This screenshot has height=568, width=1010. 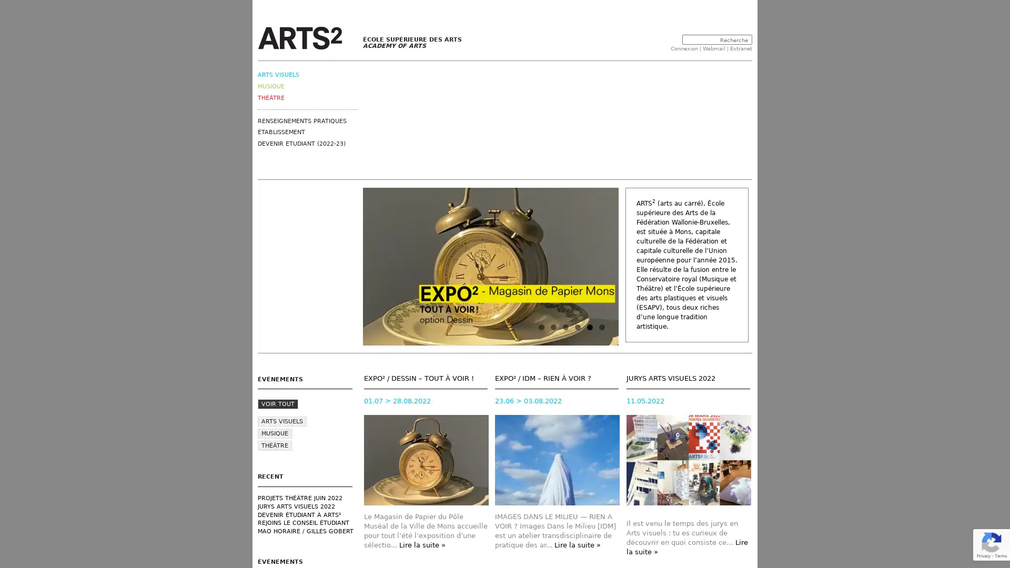 I want to click on ARTS VISUELS, so click(x=282, y=421).